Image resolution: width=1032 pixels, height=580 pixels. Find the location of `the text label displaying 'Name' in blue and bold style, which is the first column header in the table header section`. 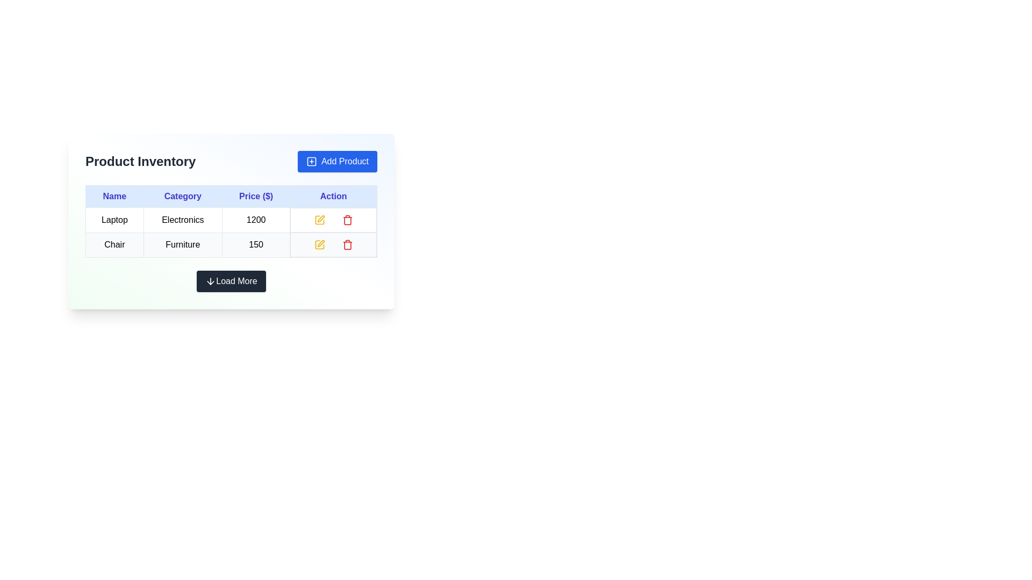

the text label displaying 'Name' in blue and bold style, which is the first column header in the table header section is located at coordinates (114, 197).